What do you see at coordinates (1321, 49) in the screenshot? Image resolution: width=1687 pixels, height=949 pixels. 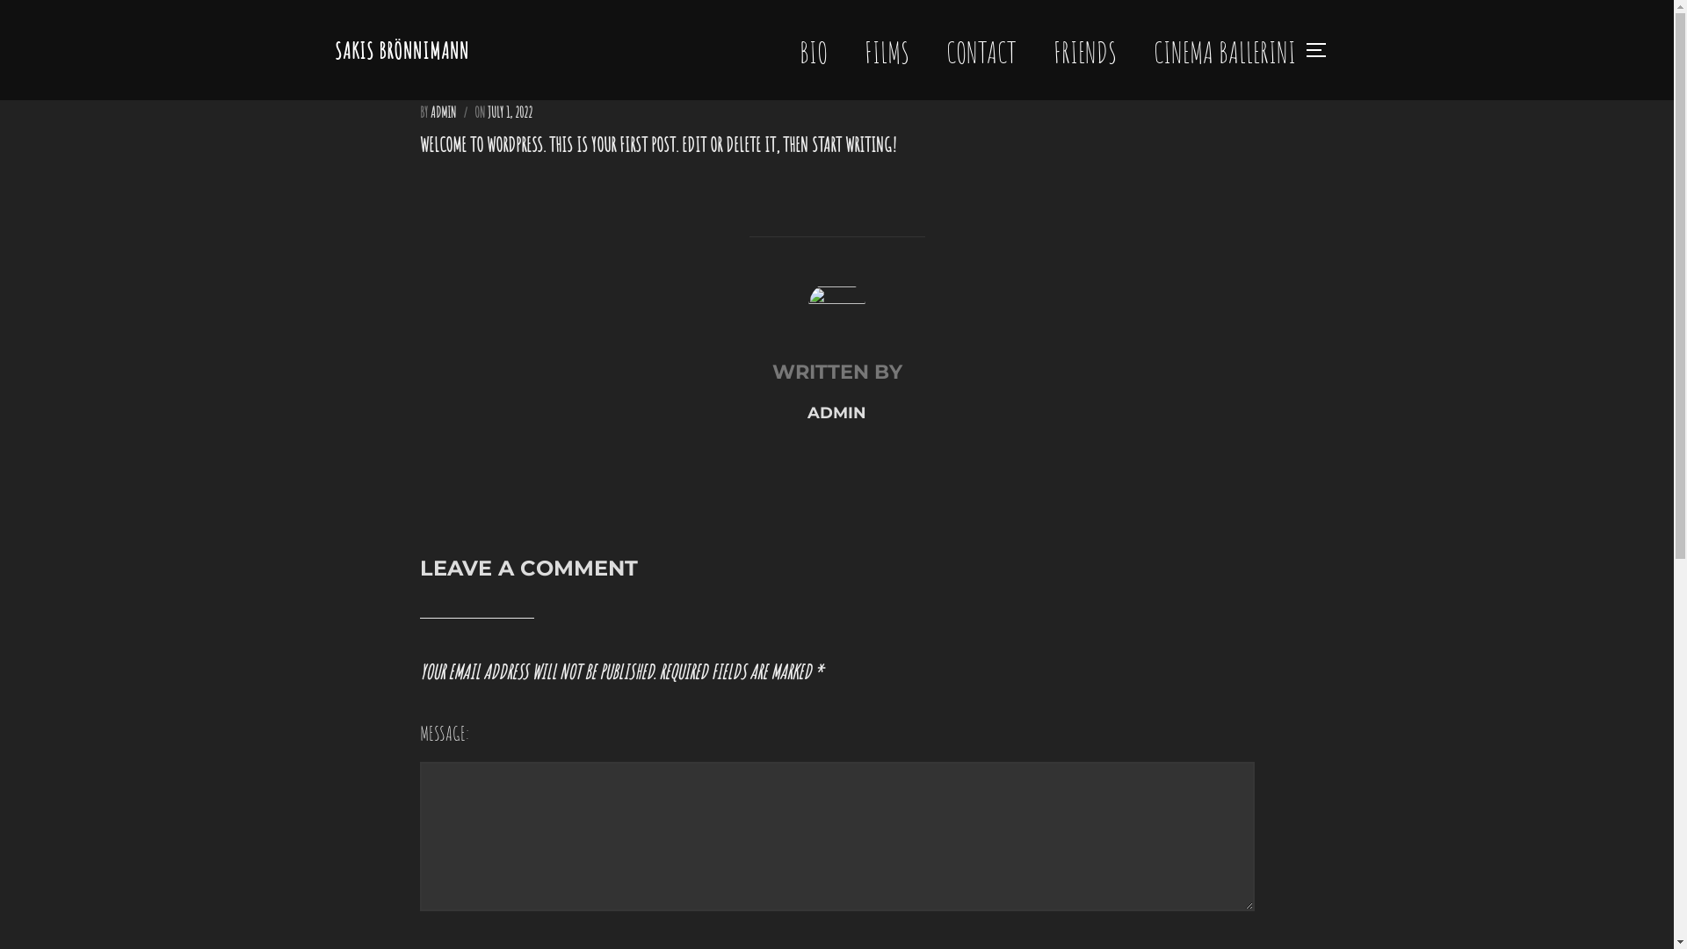 I see `'TOGGLE SIDEBAR & NAVIGATION'` at bounding box center [1321, 49].